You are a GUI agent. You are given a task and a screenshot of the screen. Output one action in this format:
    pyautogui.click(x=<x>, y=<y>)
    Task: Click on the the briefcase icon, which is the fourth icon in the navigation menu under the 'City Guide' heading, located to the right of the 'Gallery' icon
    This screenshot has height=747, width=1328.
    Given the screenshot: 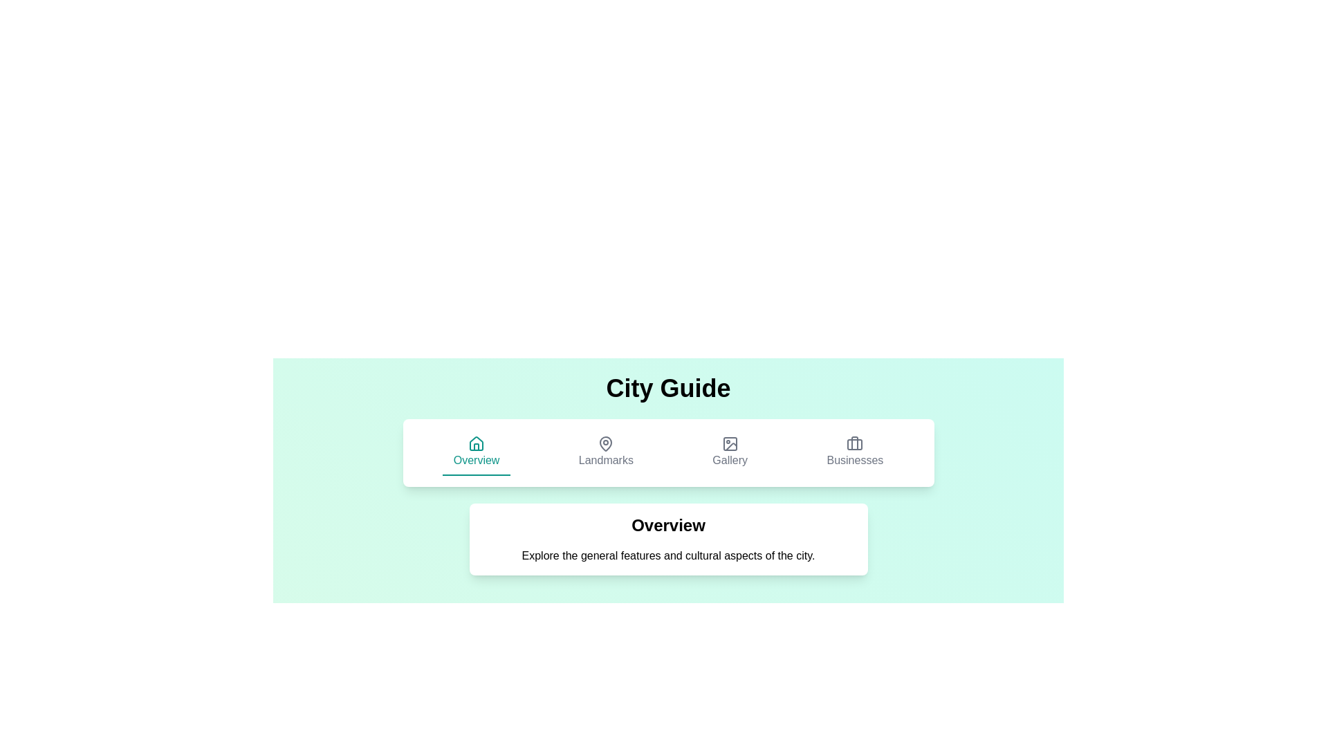 What is the action you would take?
    pyautogui.click(x=854, y=443)
    